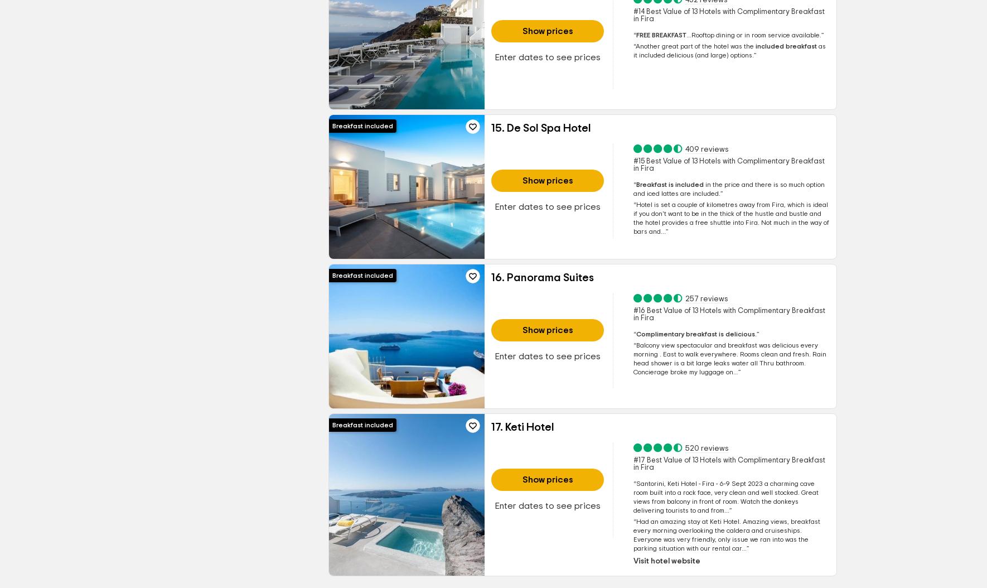  What do you see at coordinates (728, 50) in the screenshot?
I see `'as it included'` at bounding box center [728, 50].